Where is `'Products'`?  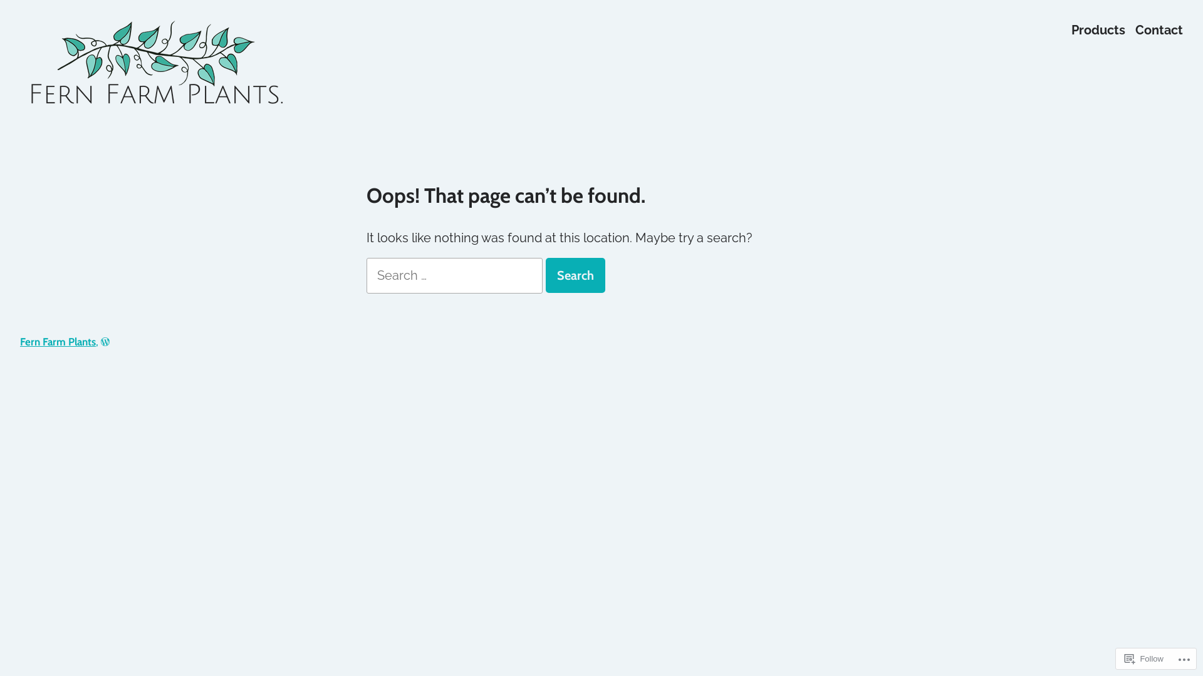 'Products' is located at coordinates (1097, 29).